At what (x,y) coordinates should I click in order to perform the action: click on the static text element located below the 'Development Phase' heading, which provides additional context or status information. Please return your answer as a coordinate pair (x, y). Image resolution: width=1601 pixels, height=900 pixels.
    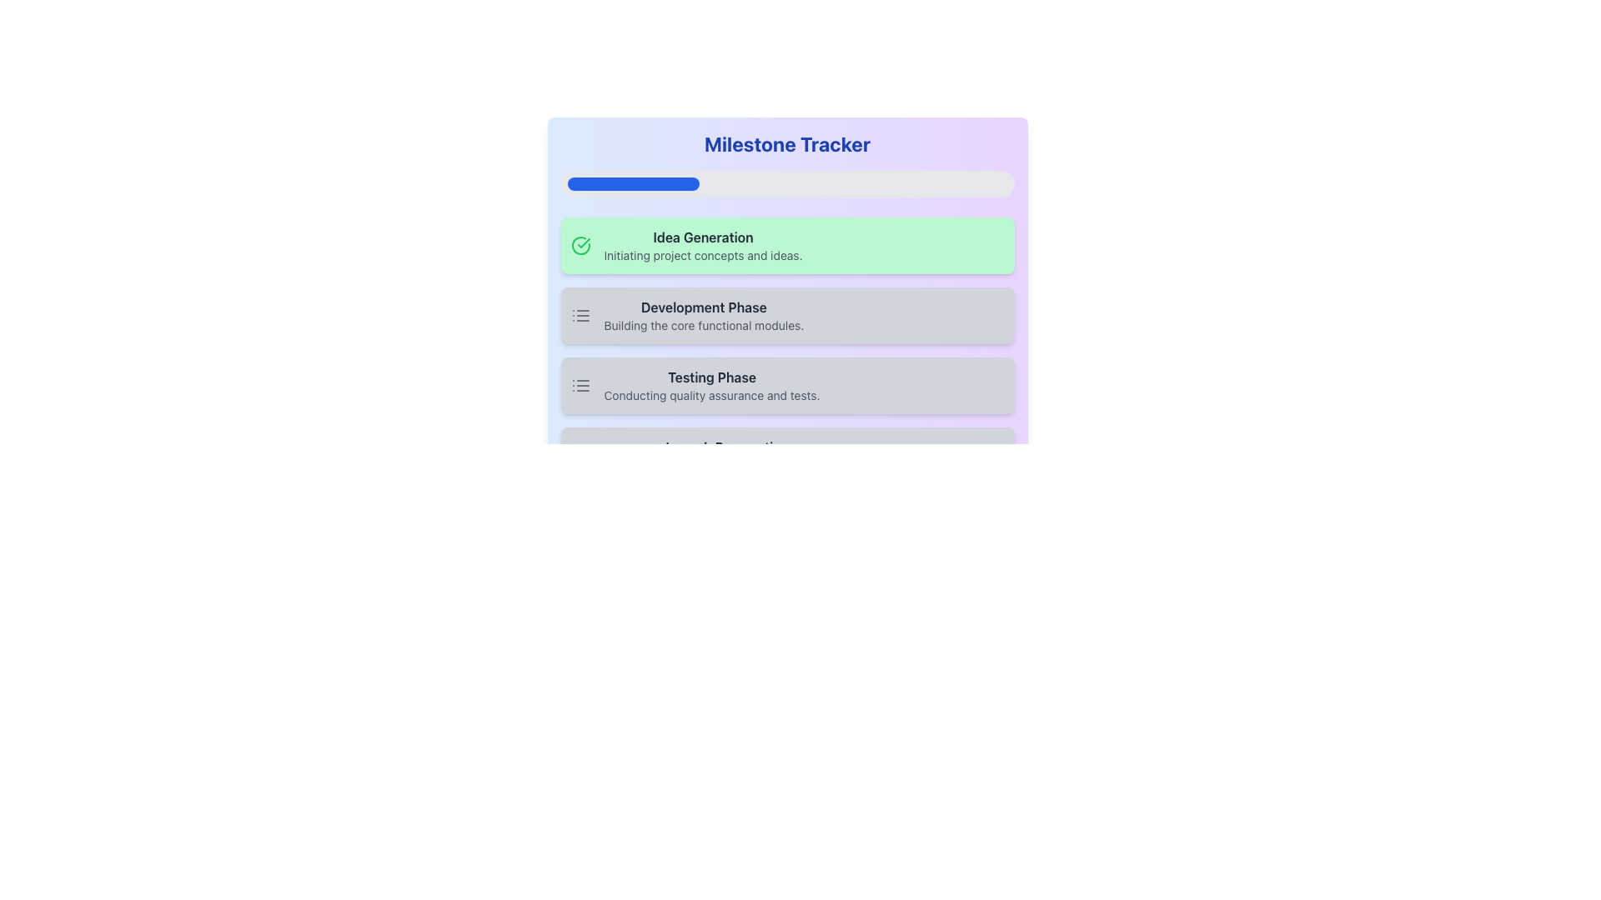
    Looking at the image, I should click on (704, 325).